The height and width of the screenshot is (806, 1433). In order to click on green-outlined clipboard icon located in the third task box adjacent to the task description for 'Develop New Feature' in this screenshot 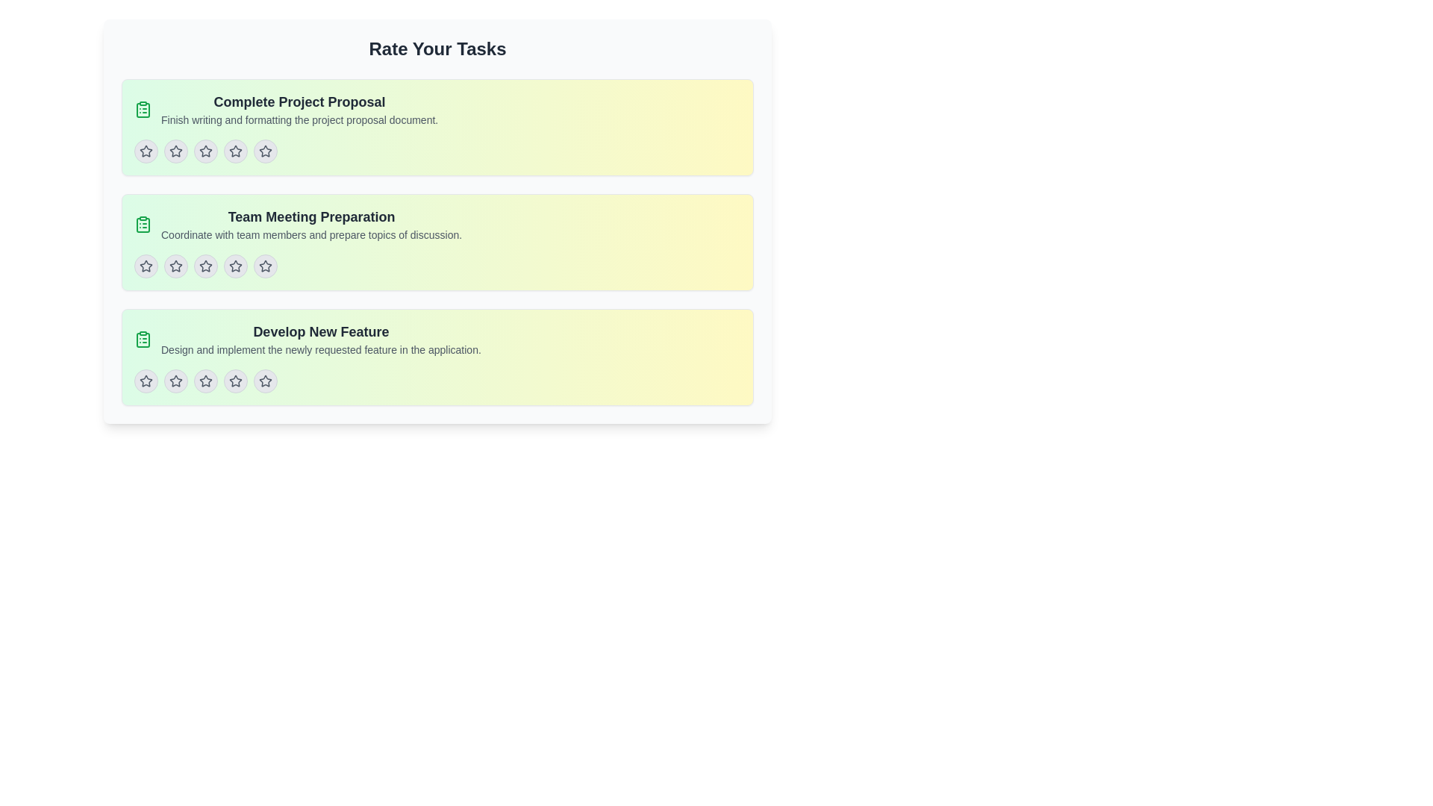, I will do `click(143, 340)`.